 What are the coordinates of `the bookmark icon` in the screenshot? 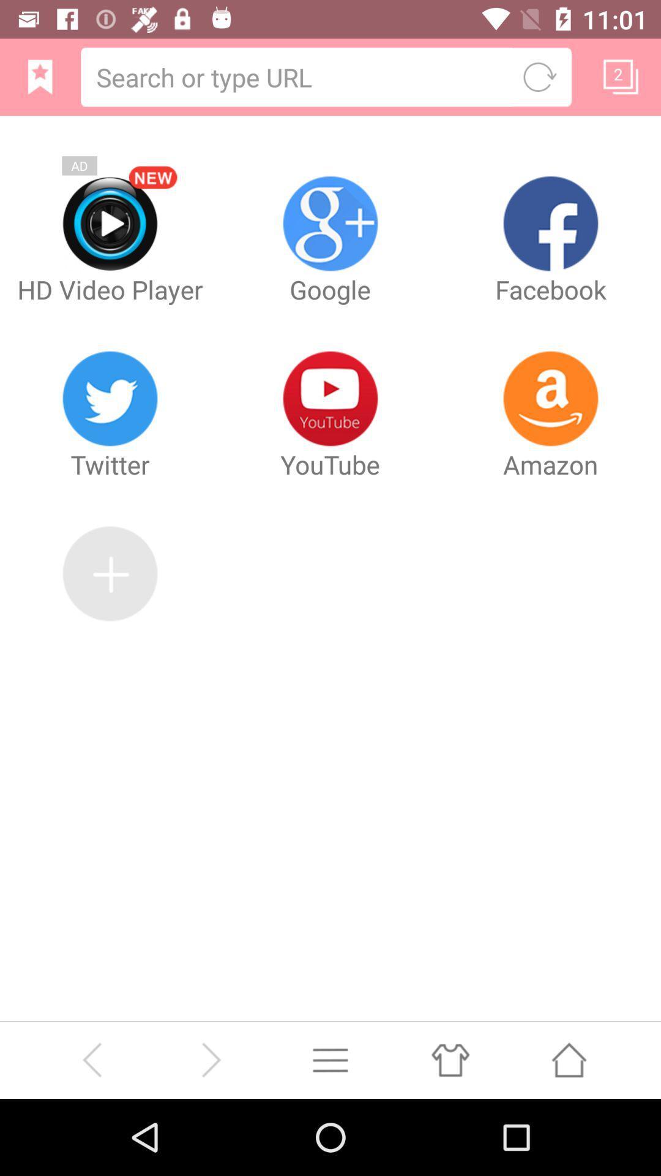 It's located at (39, 81).